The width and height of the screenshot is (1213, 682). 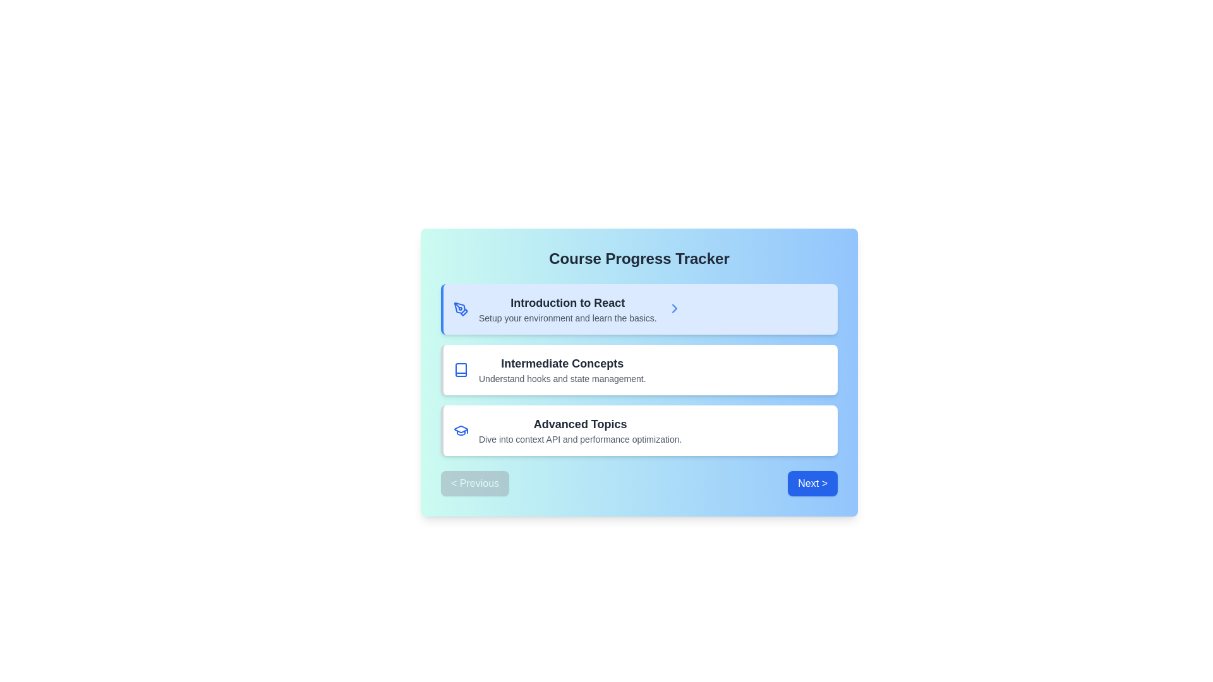 I want to click on the 'Next >' button, which is a rectangular button with a bold blue background and white text, located on the right side of the course progress tracker interface, so click(x=812, y=483).